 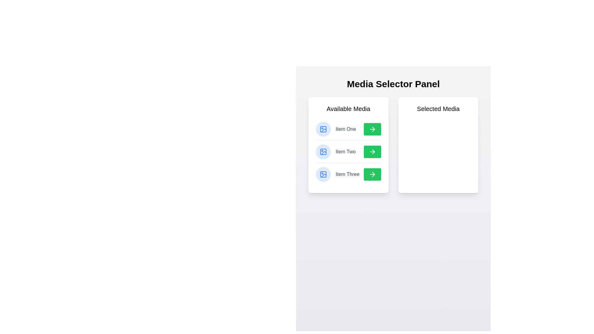 What do you see at coordinates (323, 152) in the screenshot?
I see `the icon styled with a blue outline resembling a small image or picture placeholder, located in the second row of the left column under 'Available Media'` at bounding box center [323, 152].